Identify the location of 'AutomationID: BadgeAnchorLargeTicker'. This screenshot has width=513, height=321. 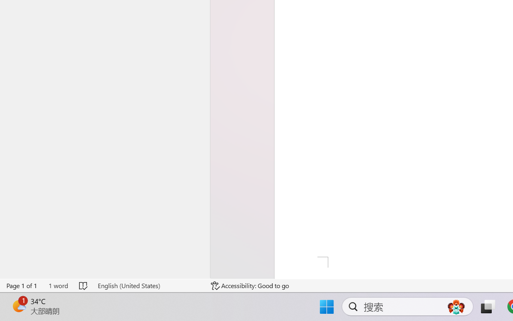
(18, 306).